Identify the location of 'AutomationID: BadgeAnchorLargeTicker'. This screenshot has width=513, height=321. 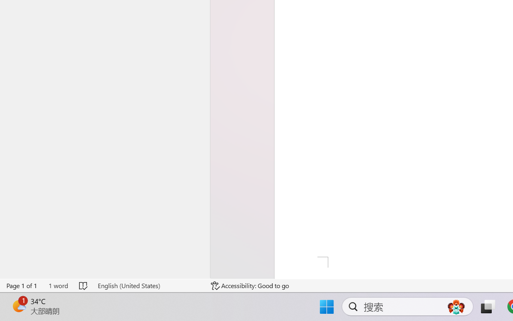
(18, 306).